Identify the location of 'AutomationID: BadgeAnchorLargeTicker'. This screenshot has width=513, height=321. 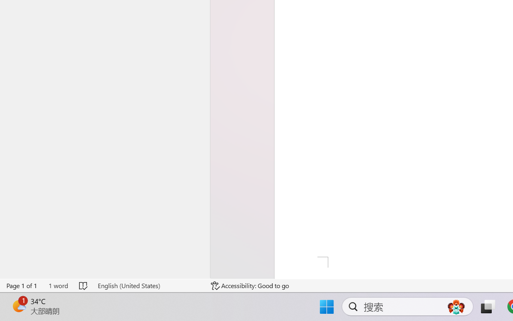
(18, 306).